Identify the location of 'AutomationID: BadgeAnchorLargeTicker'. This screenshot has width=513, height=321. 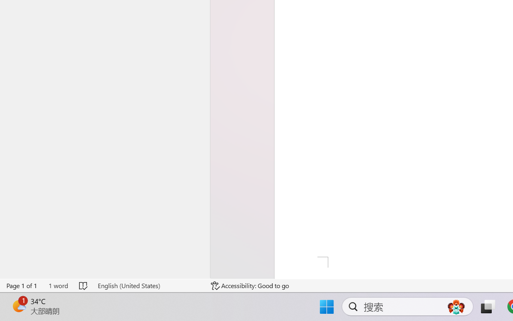
(18, 306).